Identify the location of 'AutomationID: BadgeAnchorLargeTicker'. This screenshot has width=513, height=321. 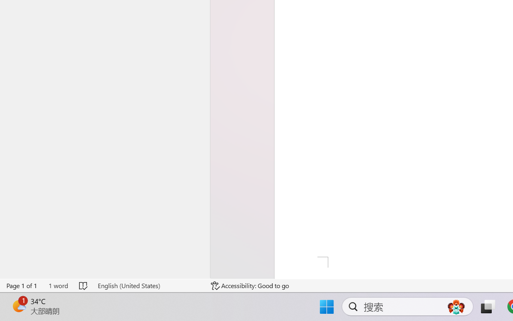
(18, 306).